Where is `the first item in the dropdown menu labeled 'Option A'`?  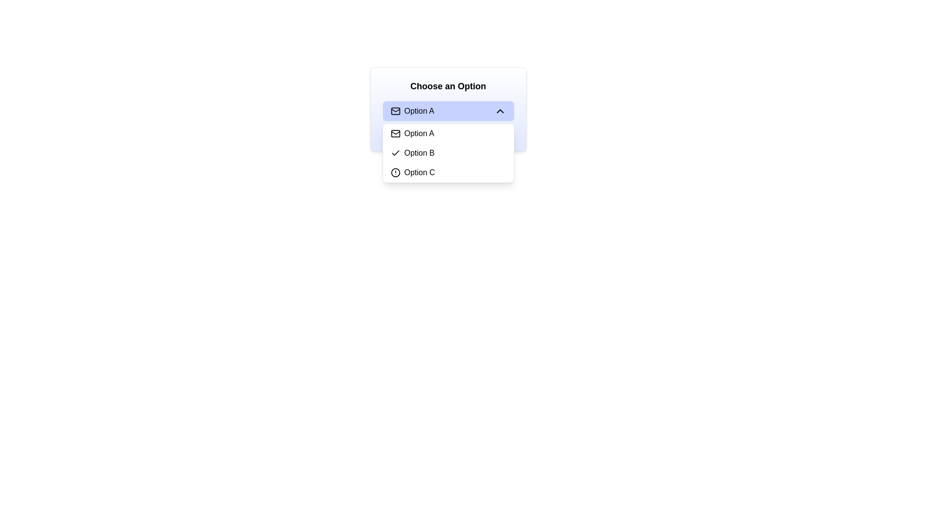 the first item in the dropdown menu labeled 'Option A' is located at coordinates (448, 133).